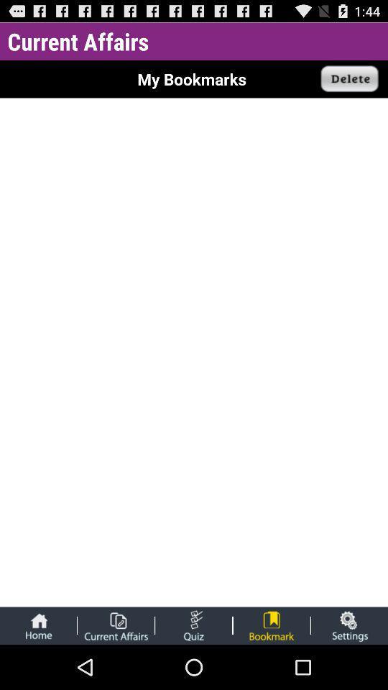  I want to click on start quiz, so click(193, 625).